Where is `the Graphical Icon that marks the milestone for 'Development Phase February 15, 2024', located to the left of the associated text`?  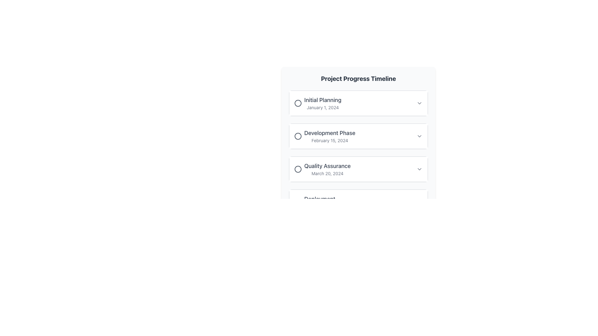 the Graphical Icon that marks the milestone for 'Development Phase February 15, 2024', located to the left of the associated text is located at coordinates (297, 136).